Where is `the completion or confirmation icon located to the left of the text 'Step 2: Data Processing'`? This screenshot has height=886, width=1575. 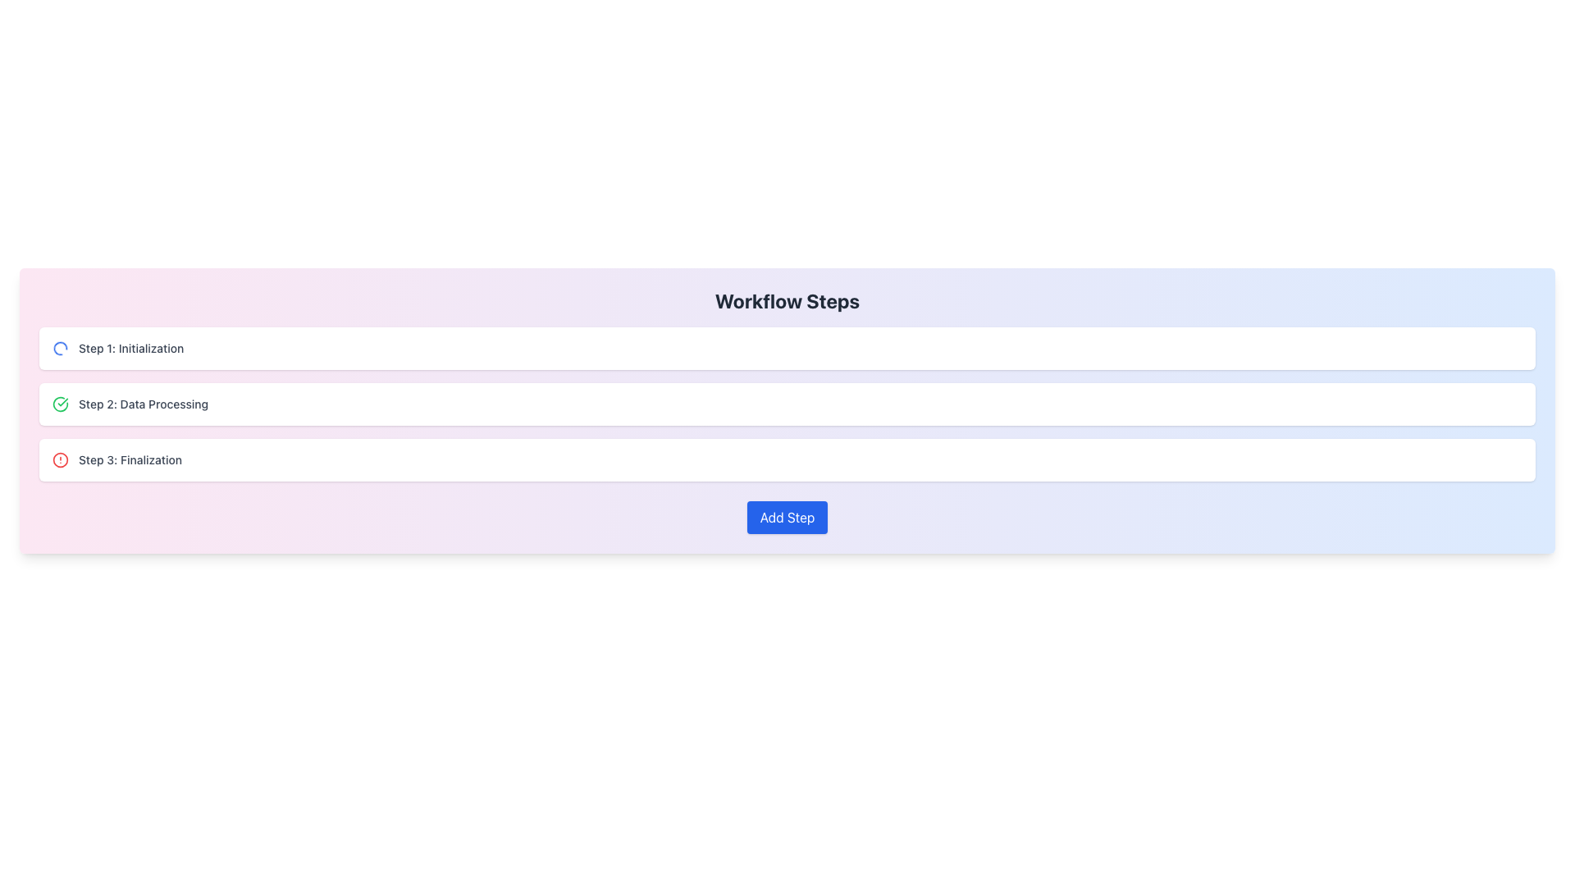
the completion or confirmation icon located to the left of the text 'Step 2: Data Processing' is located at coordinates (60, 404).